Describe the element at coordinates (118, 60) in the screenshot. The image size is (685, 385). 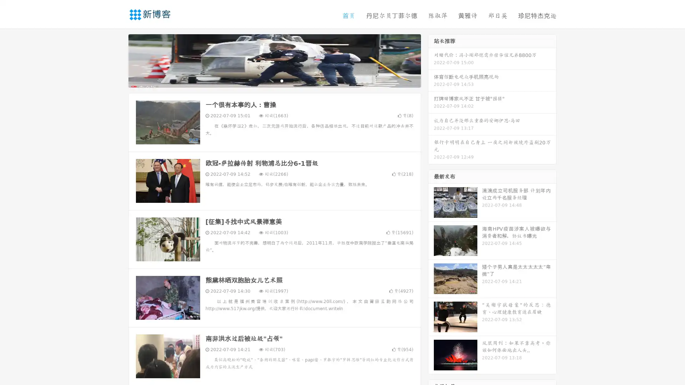
I see `Previous slide` at that location.